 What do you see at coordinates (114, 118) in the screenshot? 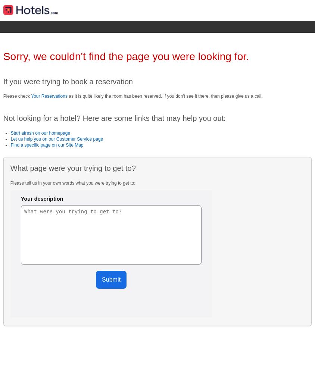
I see `'Not looking for a hotel? Here are some links that may help you out:'` at bounding box center [114, 118].